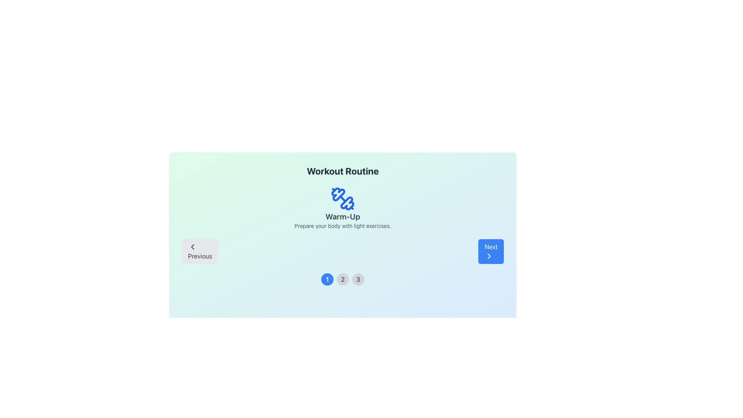 The width and height of the screenshot is (743, 418). Describe the element at coordinates (342, 279) in the screenshot. I see `the pagination button labeled '2'` at that location.